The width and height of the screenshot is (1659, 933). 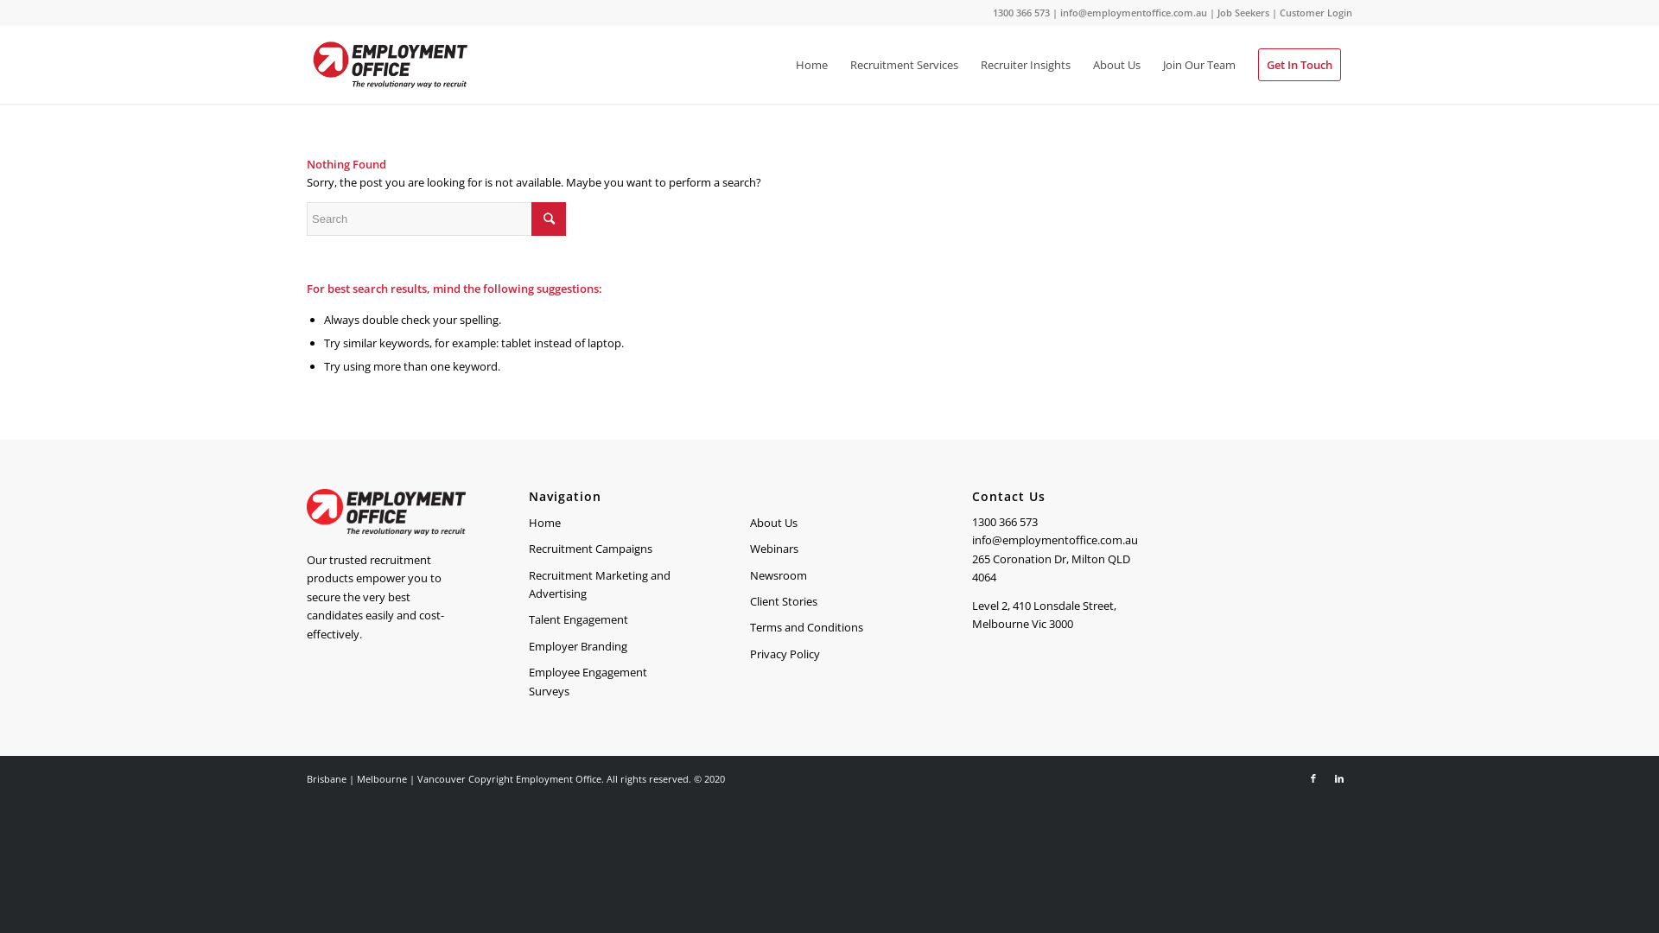 I want to click on 'Customer Login', so click(x=1314, y=12).